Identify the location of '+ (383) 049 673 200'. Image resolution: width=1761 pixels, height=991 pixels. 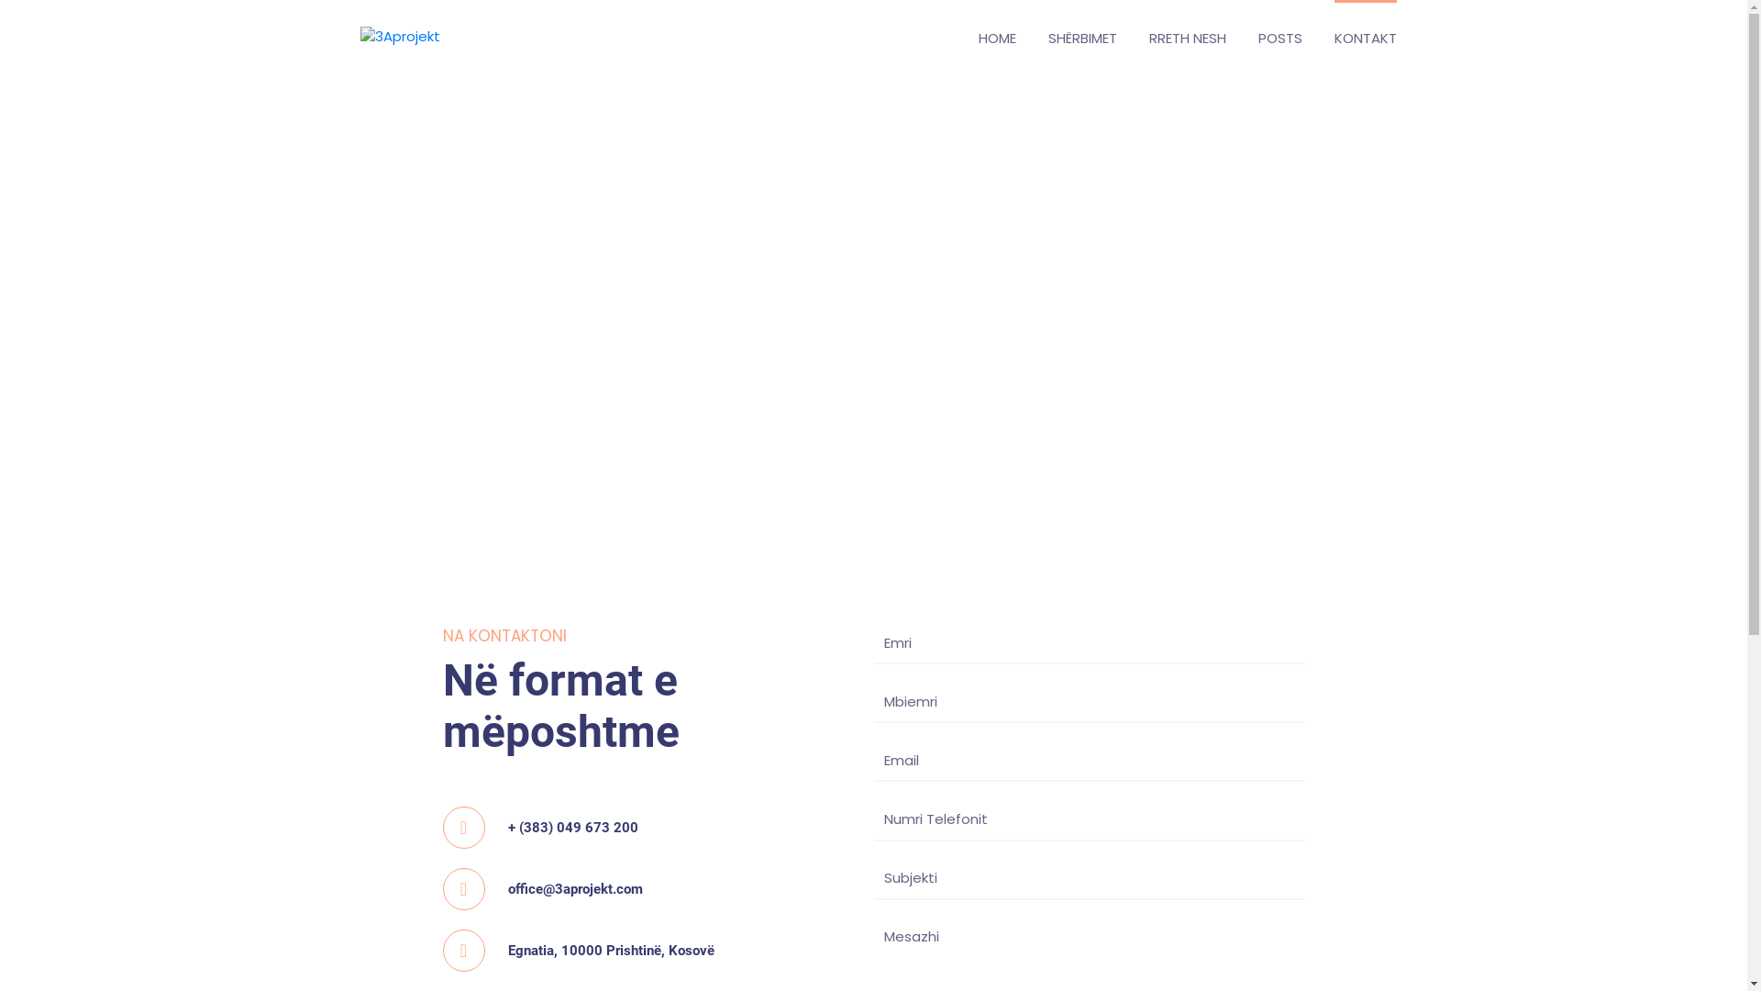
(571, 828).